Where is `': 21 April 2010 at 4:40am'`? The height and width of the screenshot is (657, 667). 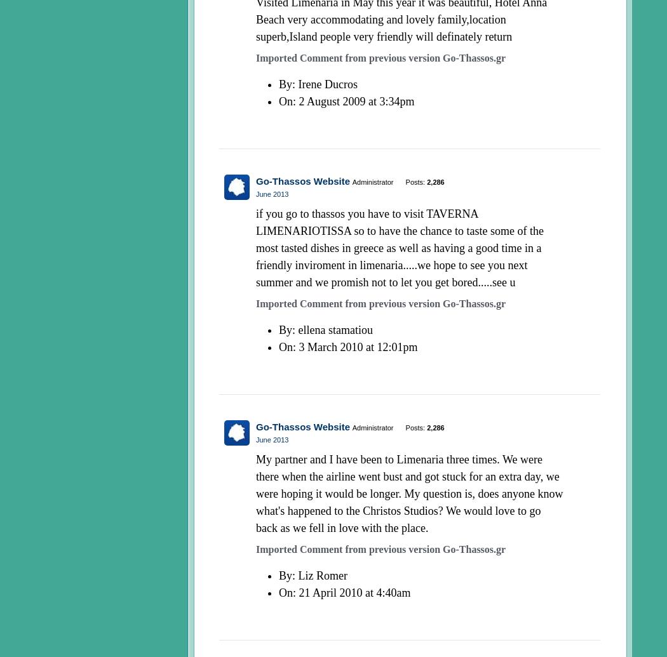
': 21 April 2010 at 4:40am' is located at coordinates (351, 592).